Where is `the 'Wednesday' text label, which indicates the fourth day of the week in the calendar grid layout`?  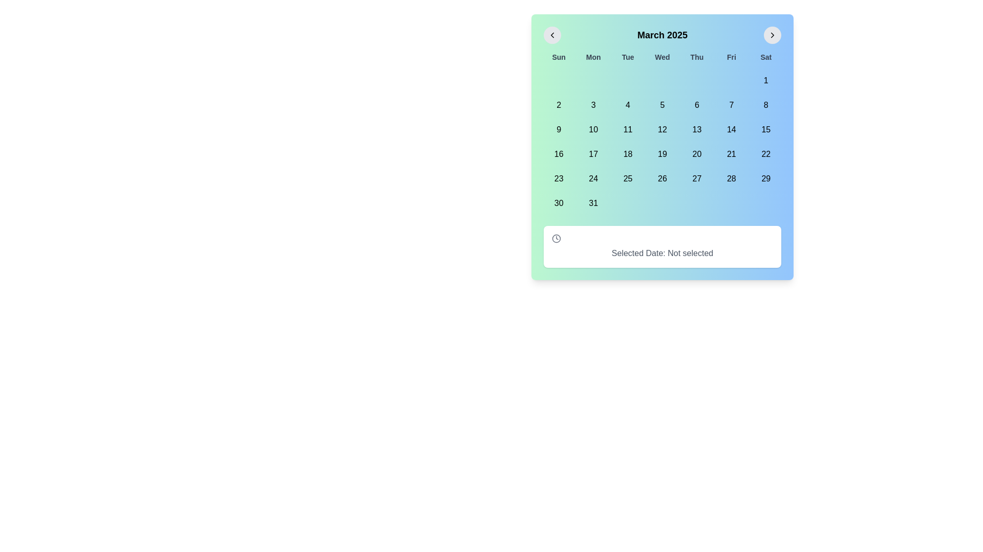
the 'Wednesday' text label, which indicates the fourth day of the week in the calendar grid layout is located at coordinates (663, 57).